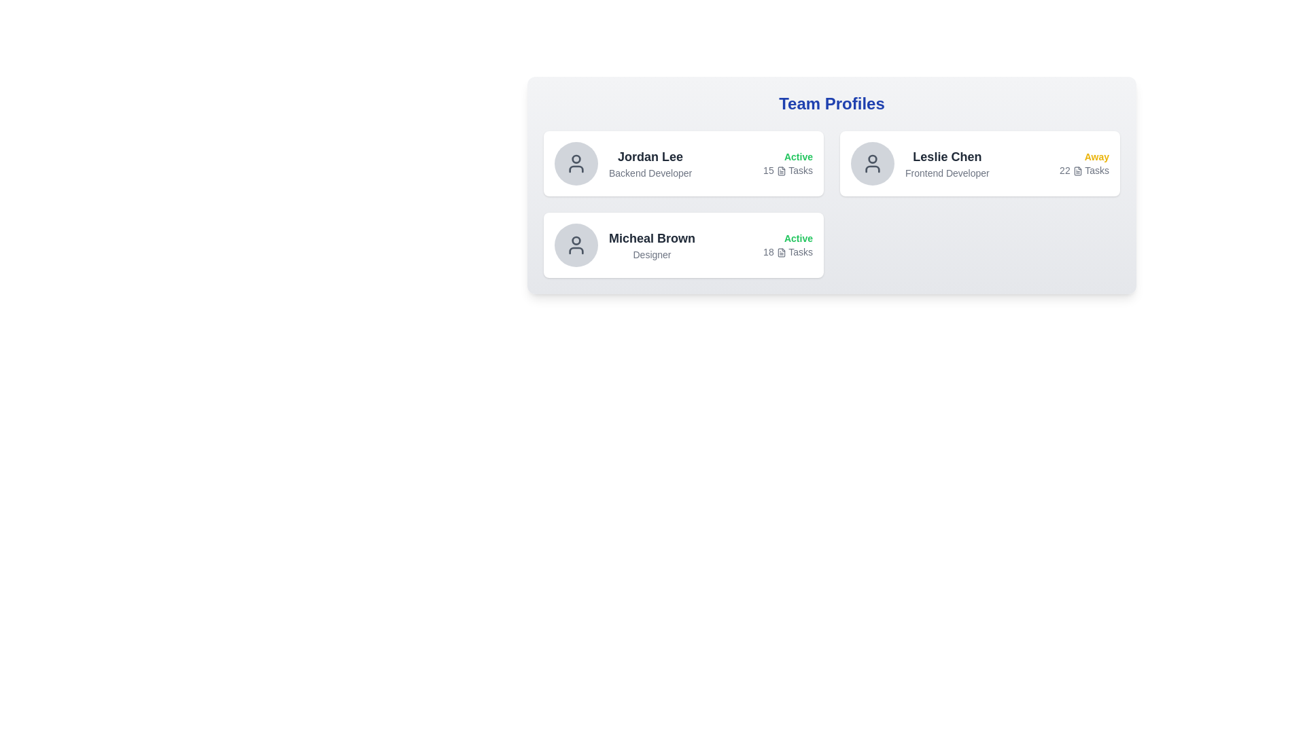 Image resolution: width=1305 pixels, height=734 pixels. Describe the element at coordinates (872, 162) in the screenshot. I see `the User Profile icon, which is a small circular icon depicting a person's silhouette with gray strokes, located in the top-right profile card of the 'Team Profiles' section` at that location.